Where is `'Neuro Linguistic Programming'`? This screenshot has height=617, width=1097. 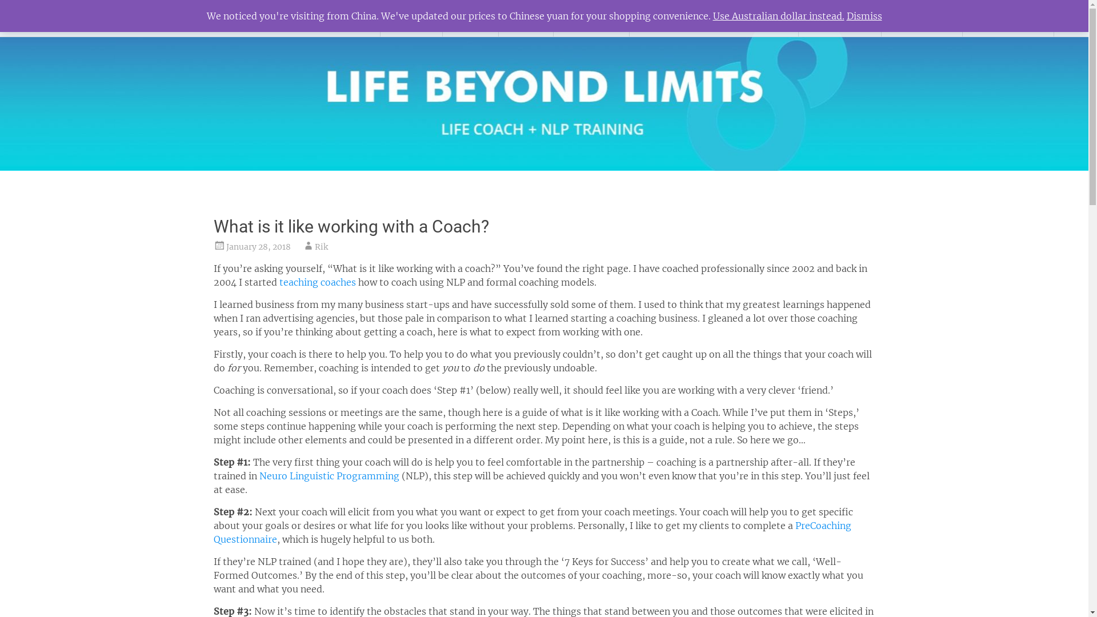
'Neuro Linguistic Programming' is located at coordinates (329, 476).